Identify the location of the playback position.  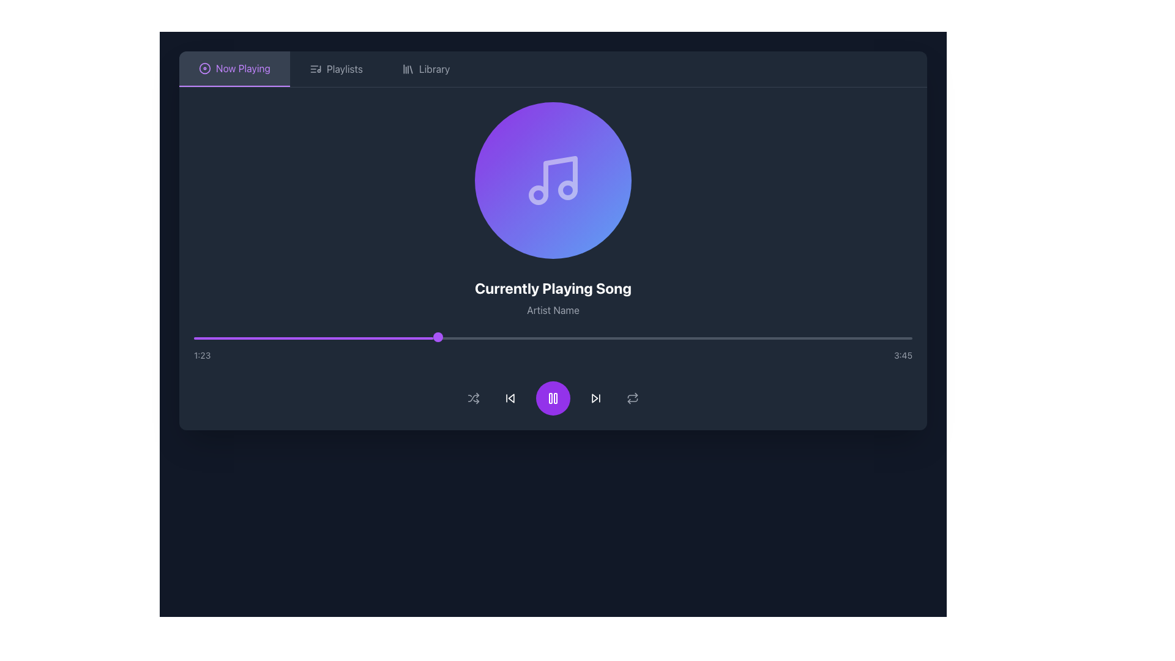
(674, 338).